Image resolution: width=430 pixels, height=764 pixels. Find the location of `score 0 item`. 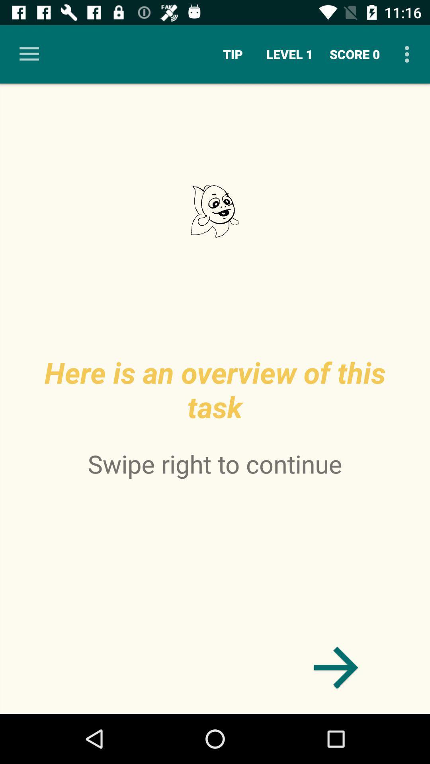

score 0 item is located at coordinates (354, 54).